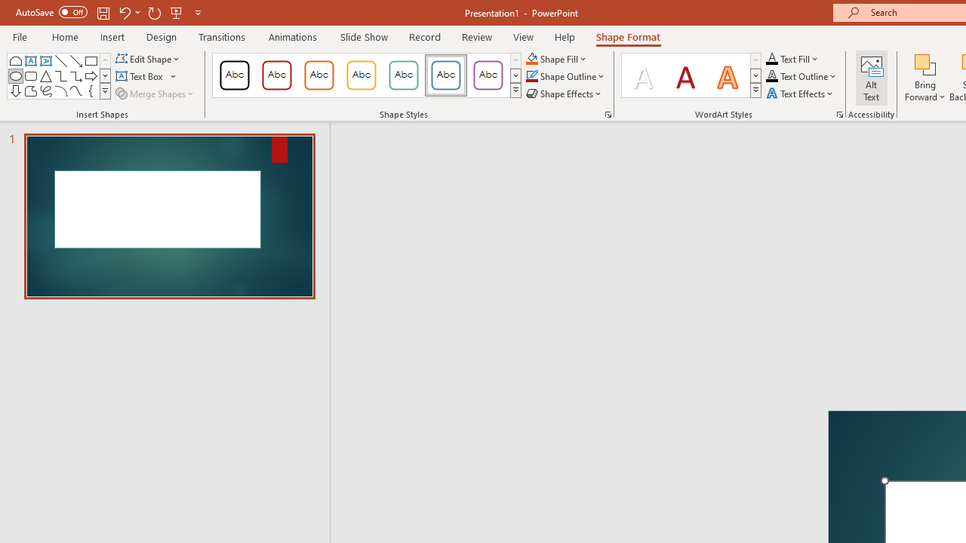  What do you see at coordinates (90, 90) in the screenshot?
I see `'Left Brace'` at bounding box center [90, 90].